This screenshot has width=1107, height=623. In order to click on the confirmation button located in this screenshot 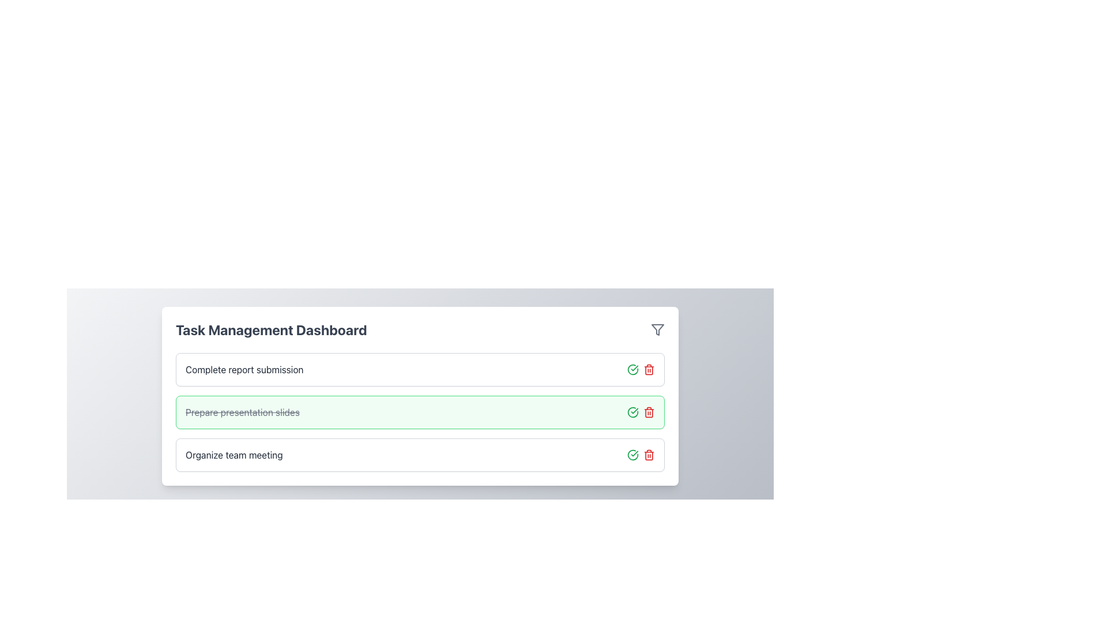, I will do `click(632, 455)`.